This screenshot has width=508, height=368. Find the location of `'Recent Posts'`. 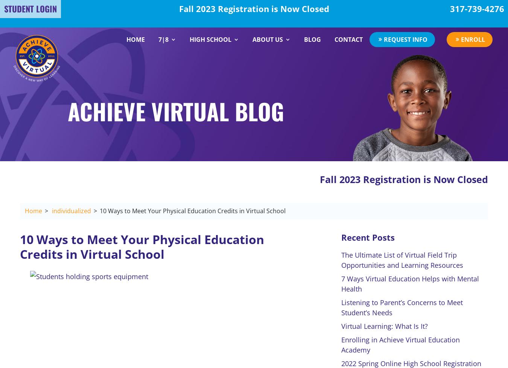

'Recent Posts' is located at coordinates (367, 237).